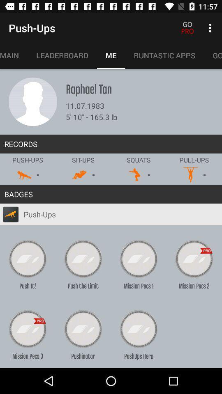 The width and height of the screenshot is (222, 394). I want to click on avatar, so click(32, 101).